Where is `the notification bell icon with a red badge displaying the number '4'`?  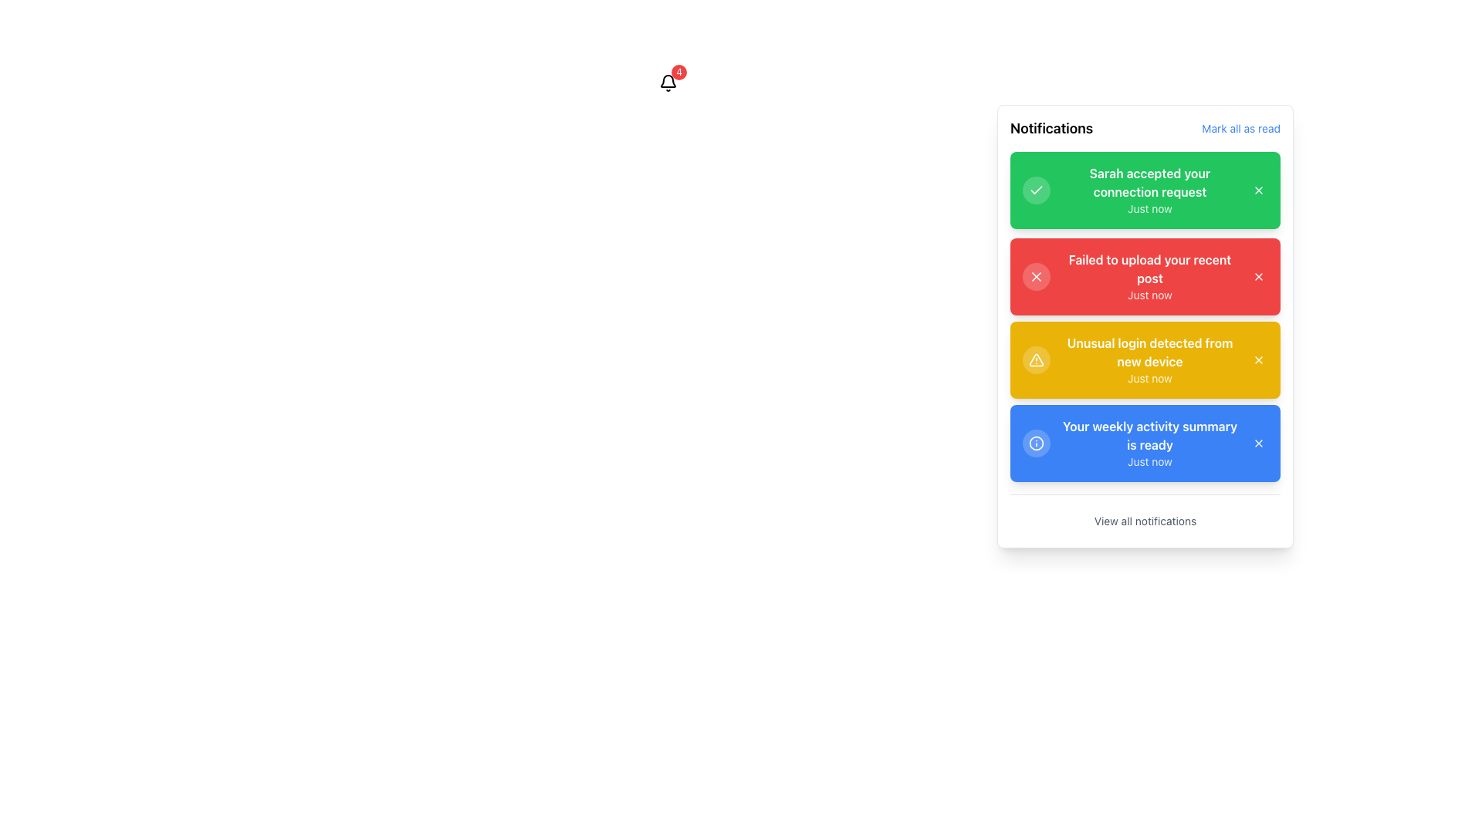
the notification bell icon with a red badge displaying the number '4' is located at coordinates (668, 83).